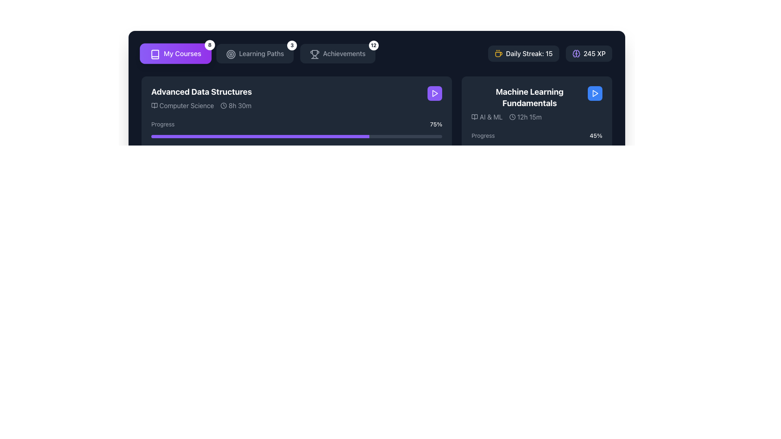  Describe the element at coordinates (154, 53) in the screenshot. I see `the 'My Courses' icon located to the left of the 'My Courses' text in the navigation bar` at that location.